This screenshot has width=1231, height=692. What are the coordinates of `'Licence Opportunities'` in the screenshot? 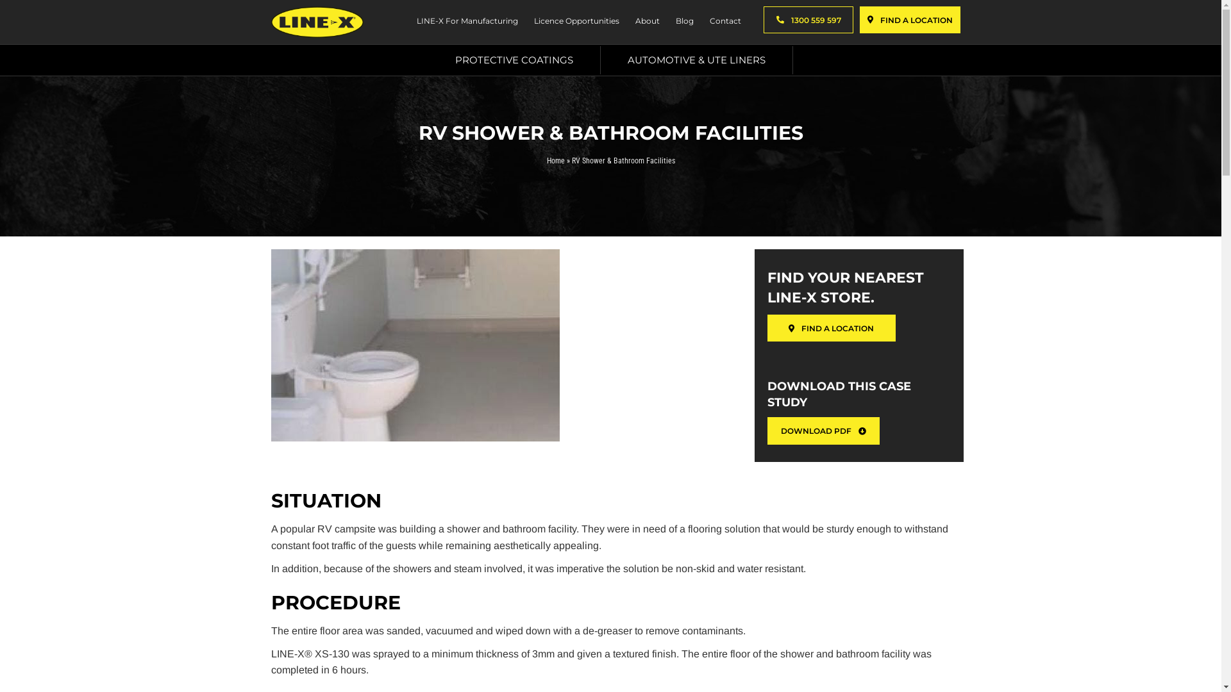 It's located at (574, 22).